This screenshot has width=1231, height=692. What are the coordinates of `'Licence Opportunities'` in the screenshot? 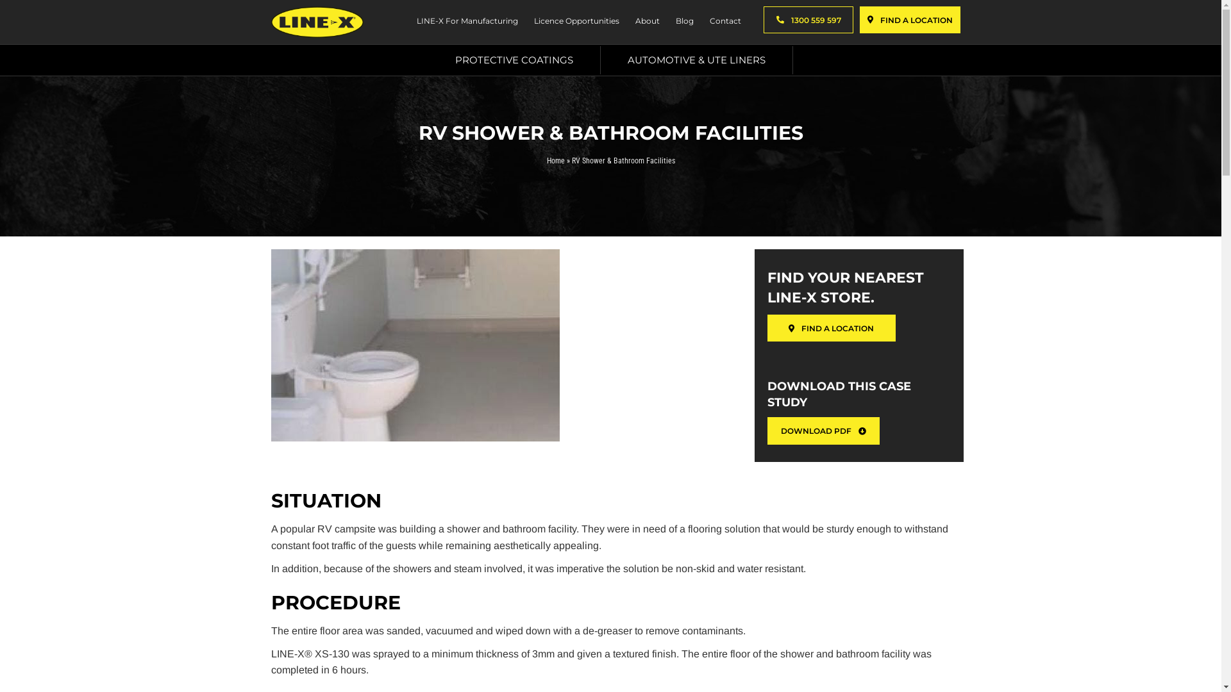 It's located at (574, 22).